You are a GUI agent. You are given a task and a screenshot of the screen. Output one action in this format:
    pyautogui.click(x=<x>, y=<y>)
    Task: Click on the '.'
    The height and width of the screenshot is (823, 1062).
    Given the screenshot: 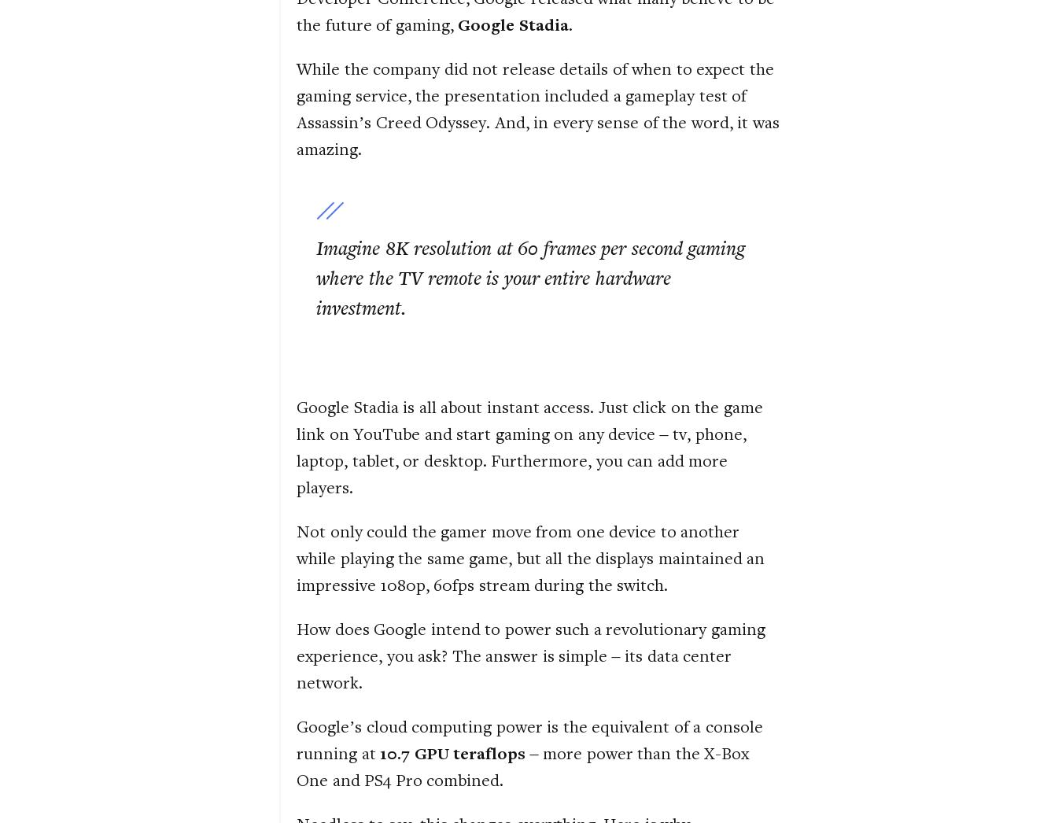 What is the action you would take?
    pyautogui.click(x=569, y=23)
    